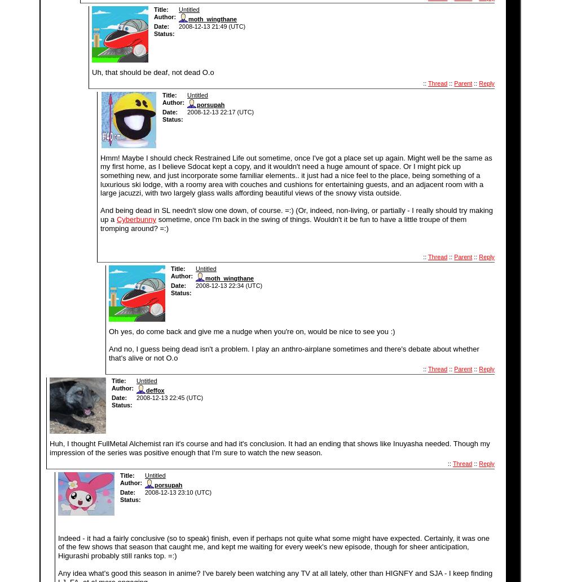  What do you see at coordinates (212, 25) in the screenshot?
I see `'2008-12-13 21:49 (UTC)'` at bounding box center [212, 25].